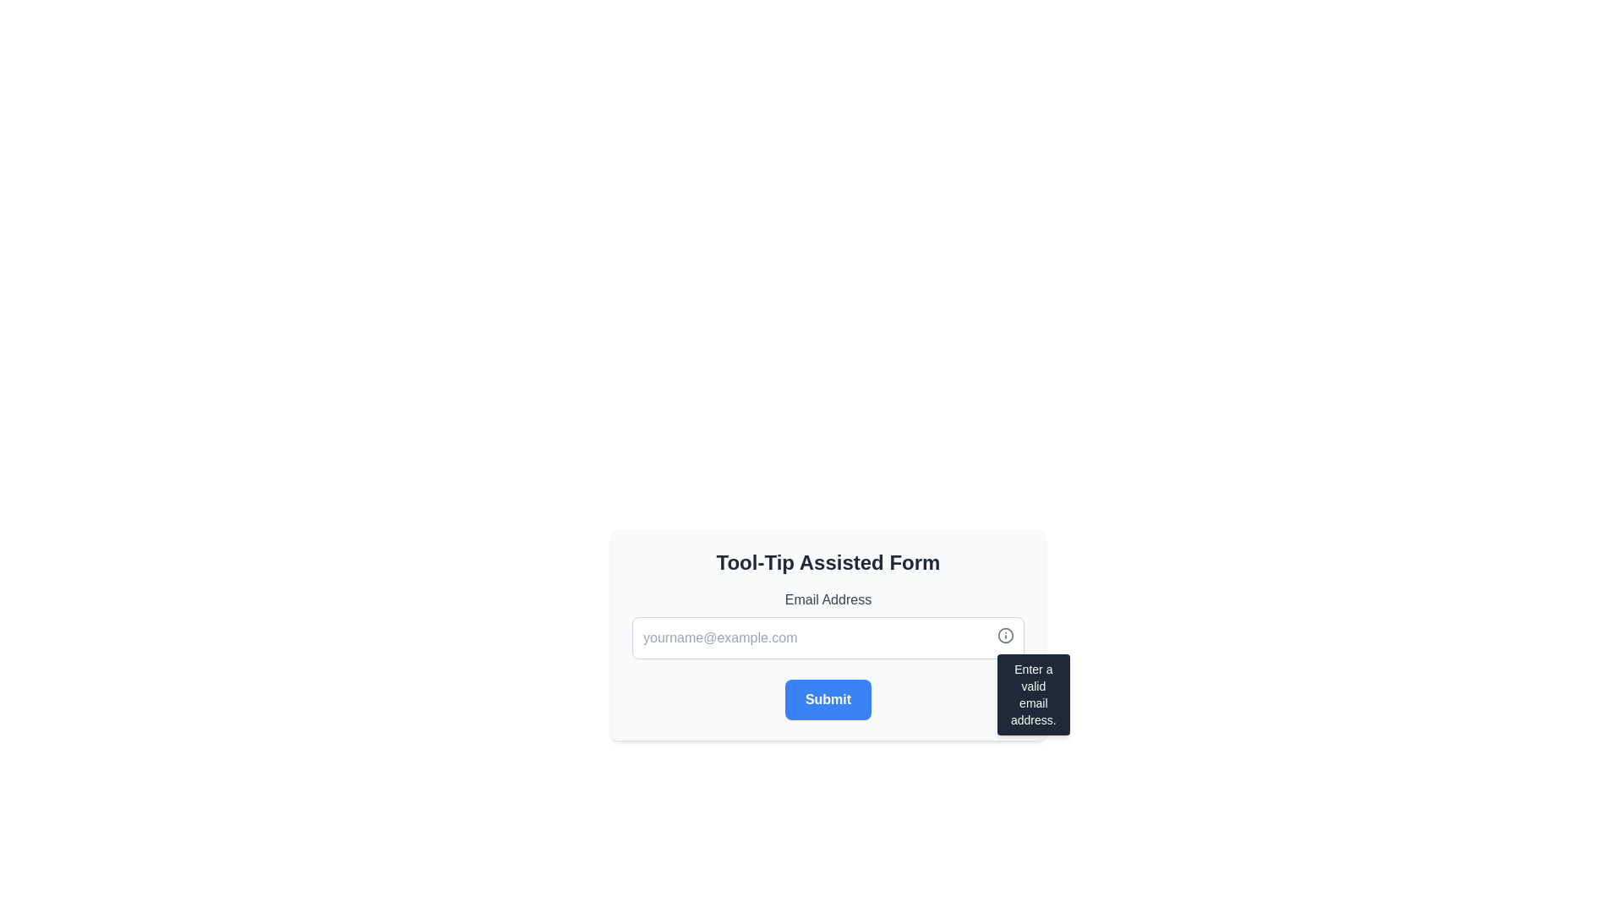 The image size is (1623, 913). I want to click on the tooltip indicating 'Enter a valid email address' which has a dark gray background and white text, positioned below the 'Email Address' input field in the 'Tool-Tip Assisted Form.', so click(1032, 694).